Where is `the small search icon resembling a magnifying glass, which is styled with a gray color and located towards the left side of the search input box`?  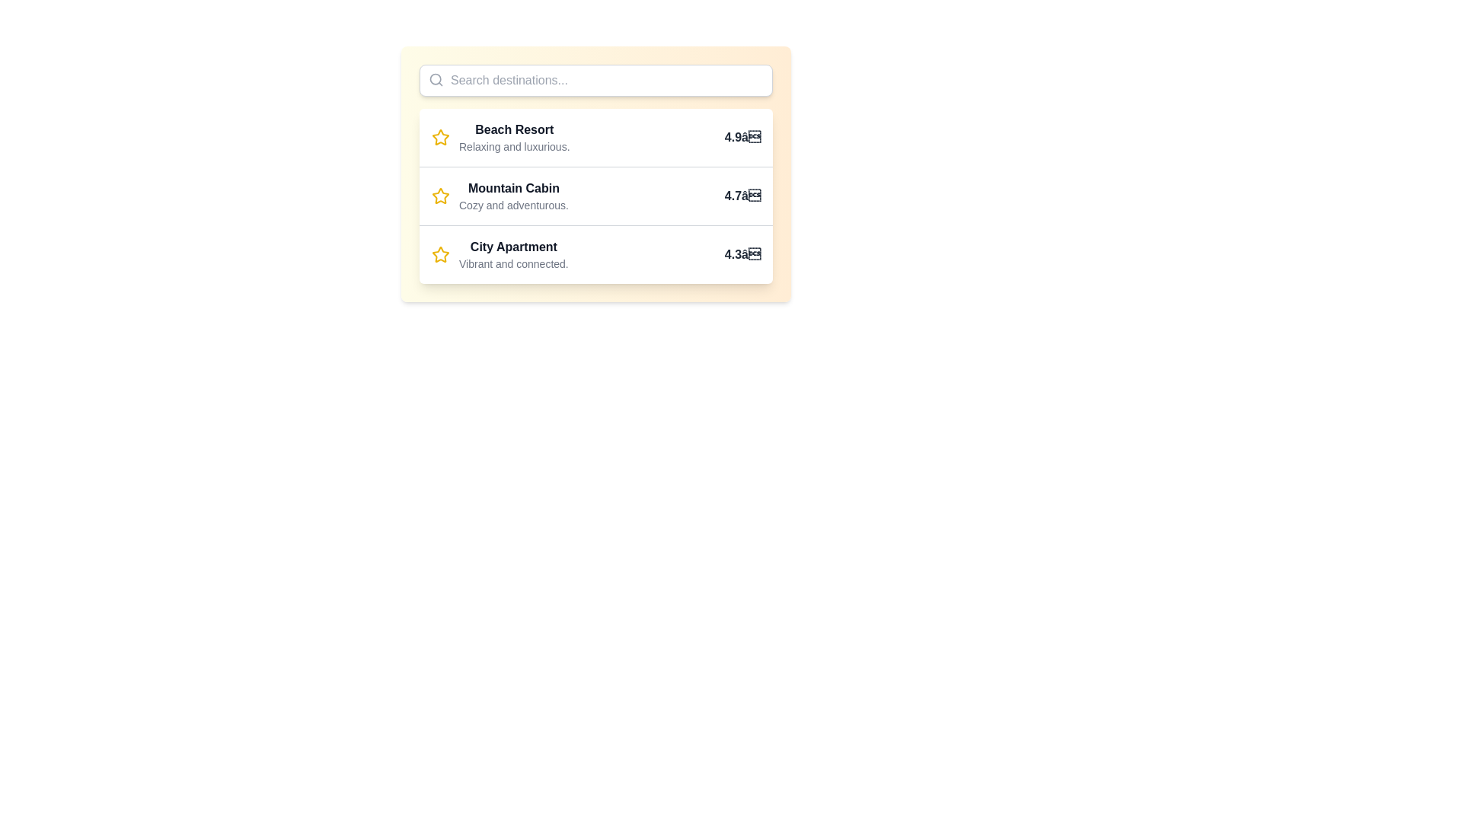
the small search icon resembling a magnifying glass, which is styled with a gray color and located towards the left side of the search input box is located at coordinates (435, 79).